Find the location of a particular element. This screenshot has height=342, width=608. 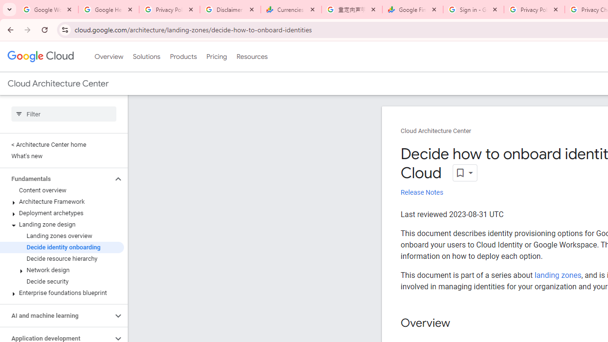

'< Architecture Center home' is located at coordinates (61, 144).